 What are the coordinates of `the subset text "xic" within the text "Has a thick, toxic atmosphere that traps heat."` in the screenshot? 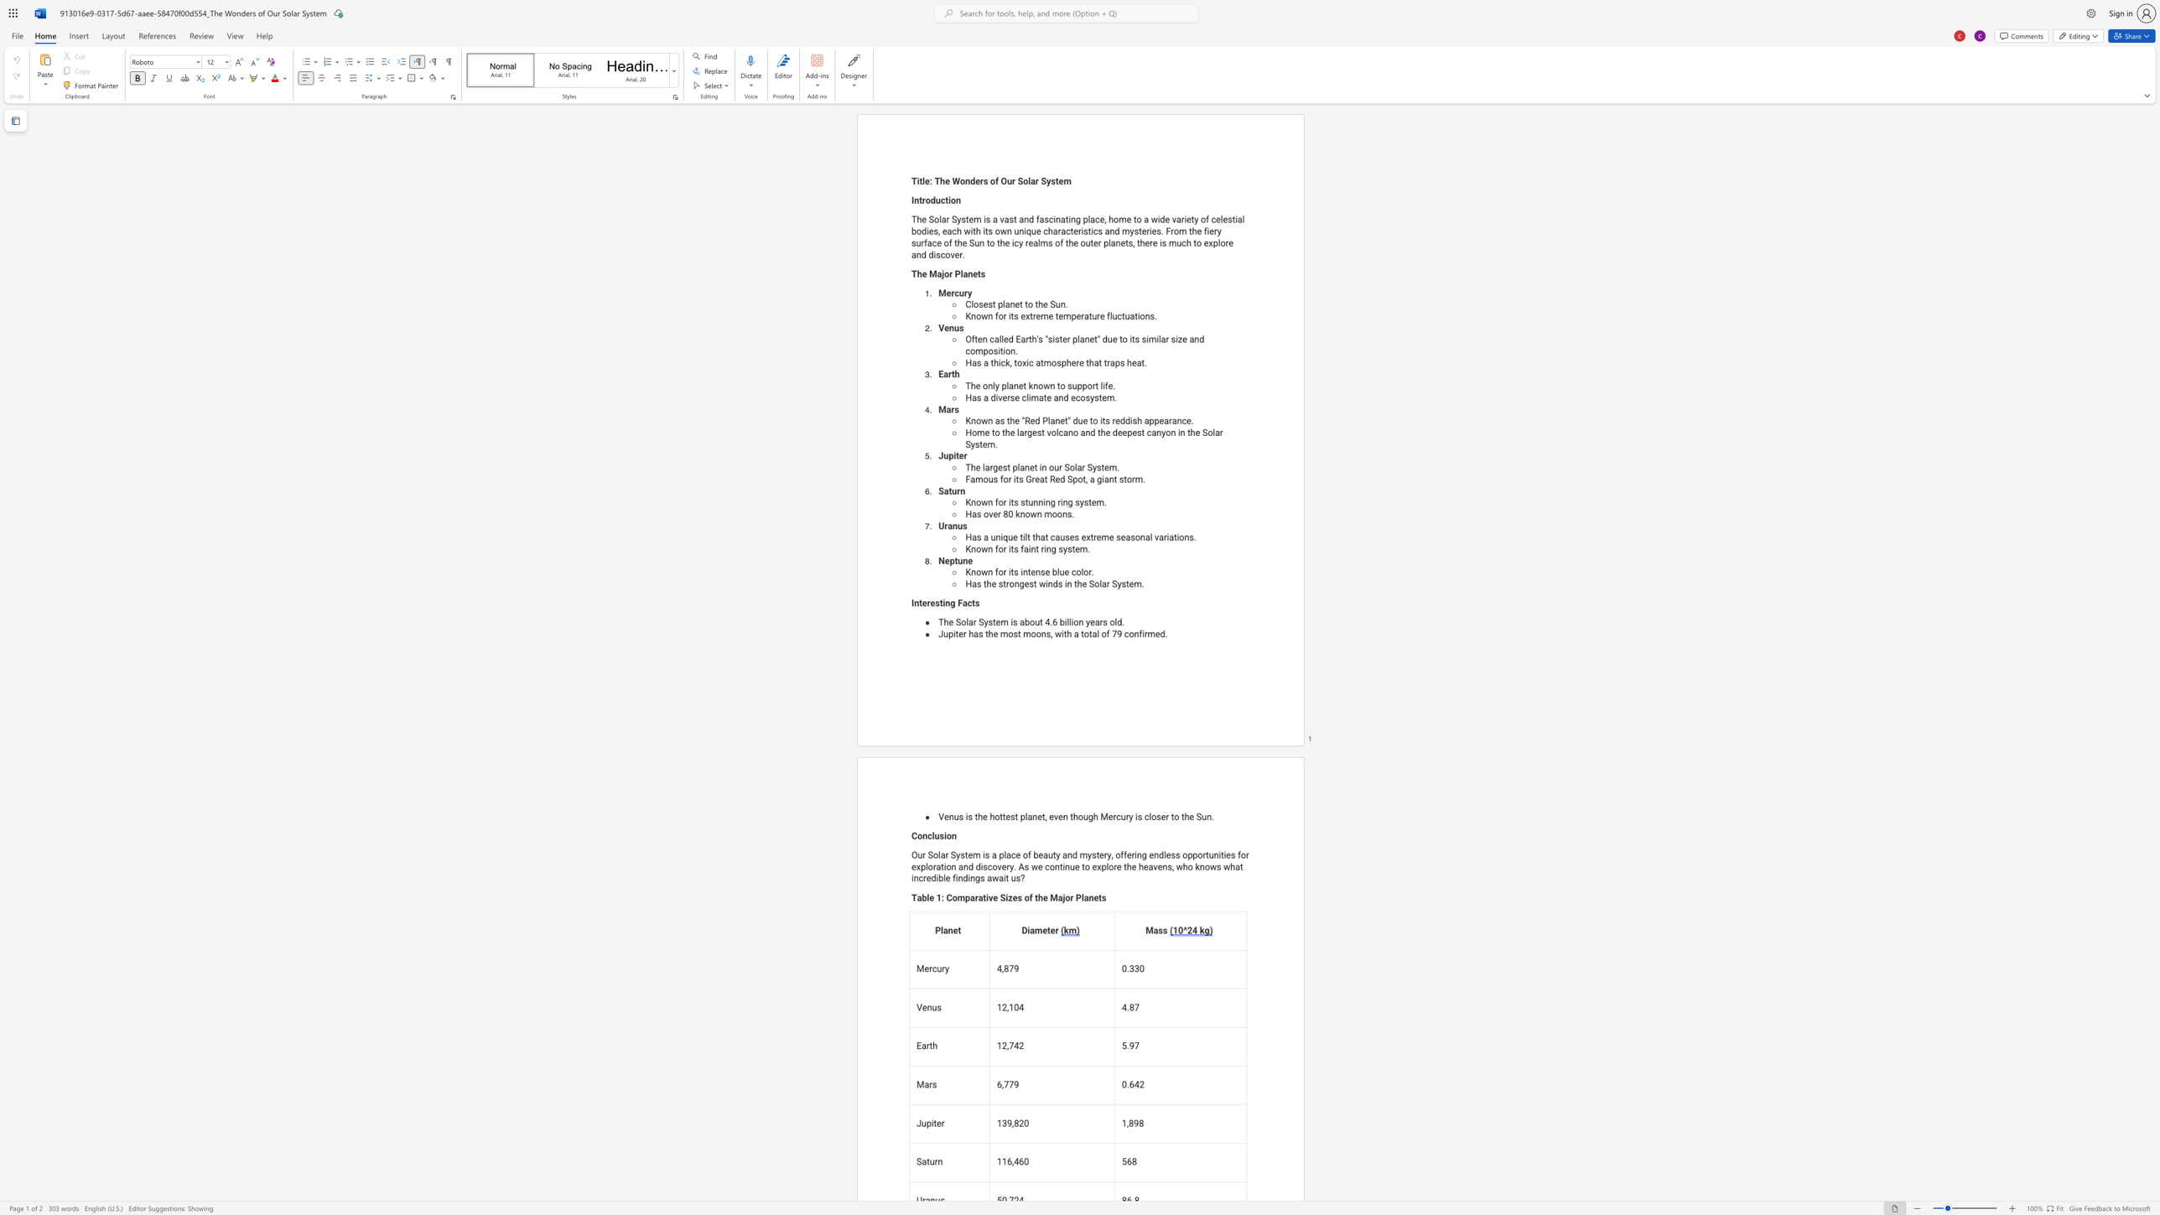 It's located at (1022, 362).